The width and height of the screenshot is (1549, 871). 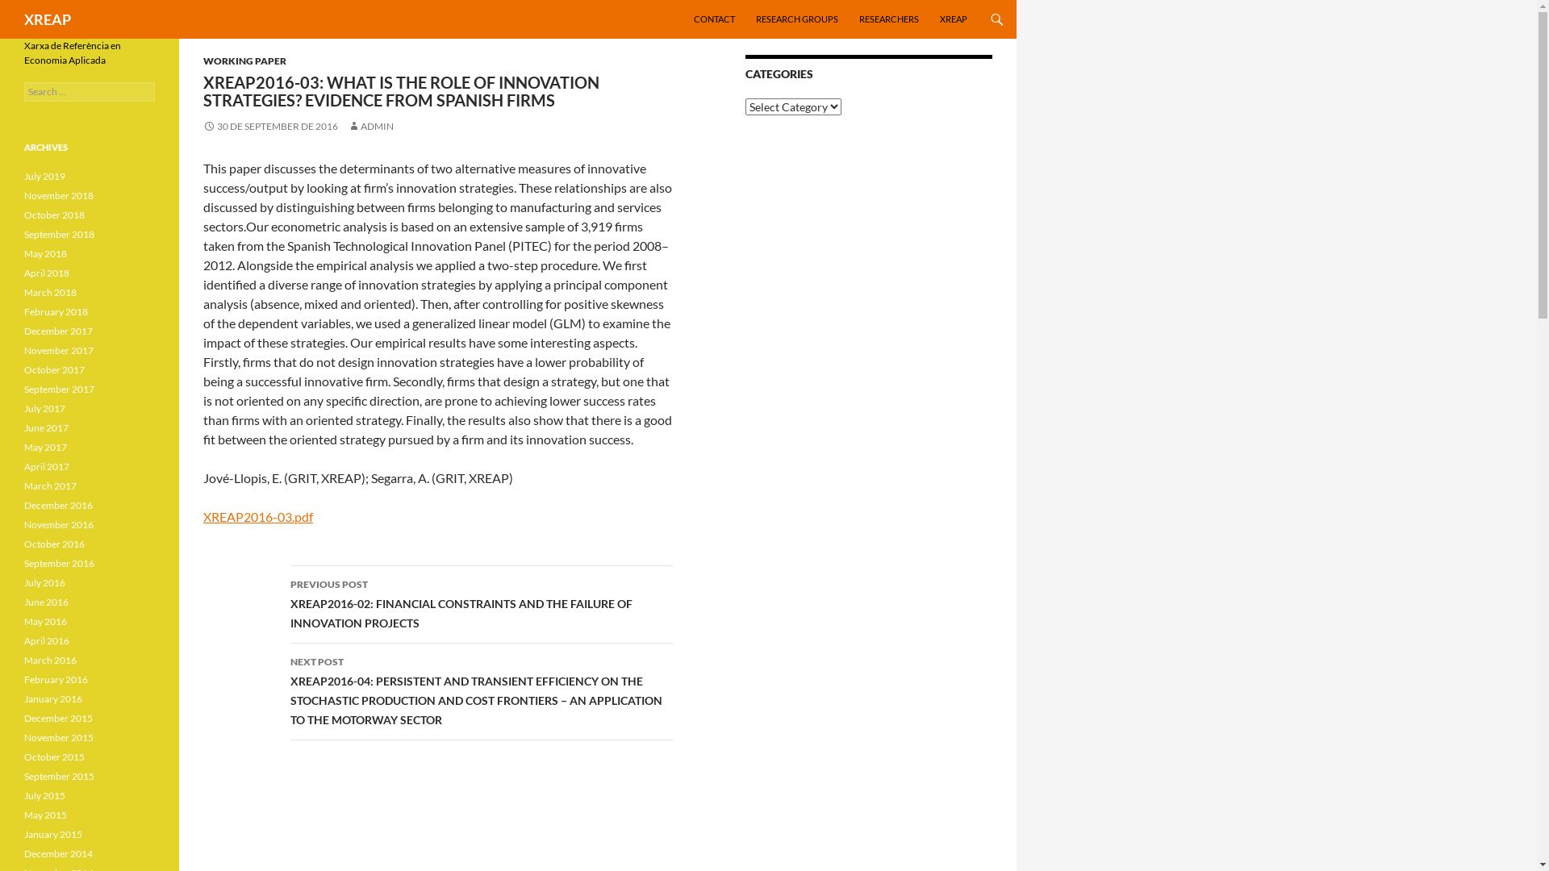 What do you see at coordinates (45, 620) in the screenshot?
I see `'May 2016'` at bounding box center [45, 620].